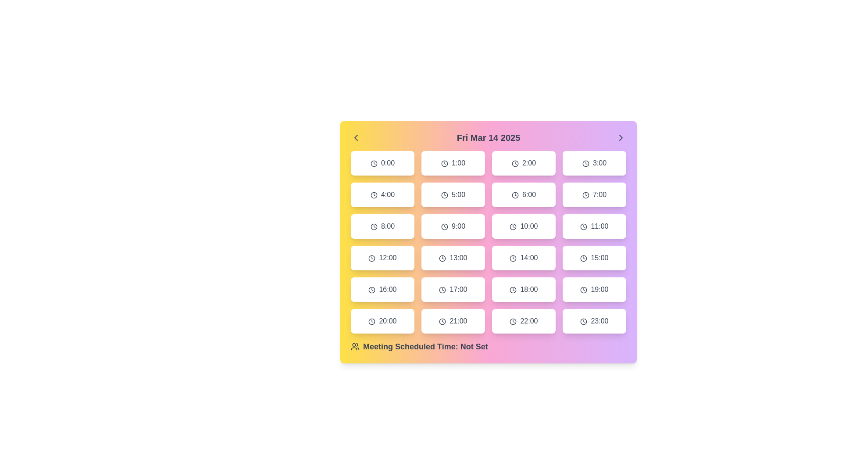 This screenshot has width=842, height=474. What do you see at coordinates (513, 321) in the screenshot?
I see `the circular shape within the clock icon located next to the '22:00' time label in the fifth row and fourth column of the time grid` at bounding box center [513, 321].